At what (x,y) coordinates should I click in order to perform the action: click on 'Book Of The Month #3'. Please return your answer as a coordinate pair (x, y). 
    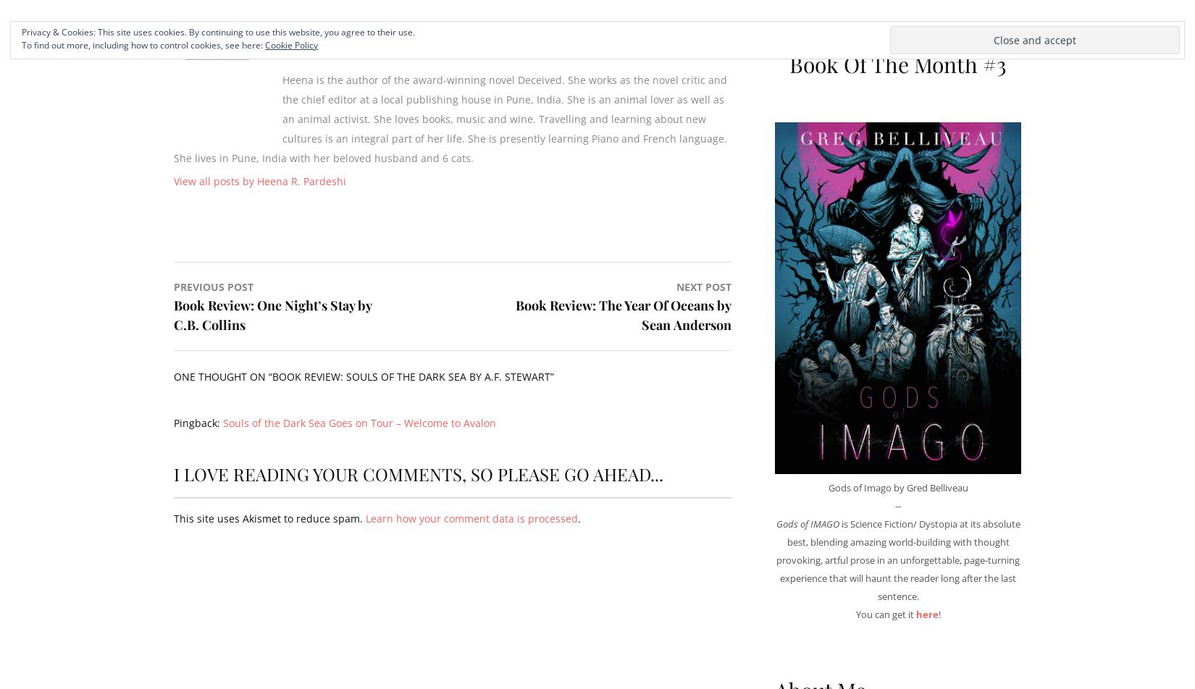
    Looking at the image, I should click on (897, 64).